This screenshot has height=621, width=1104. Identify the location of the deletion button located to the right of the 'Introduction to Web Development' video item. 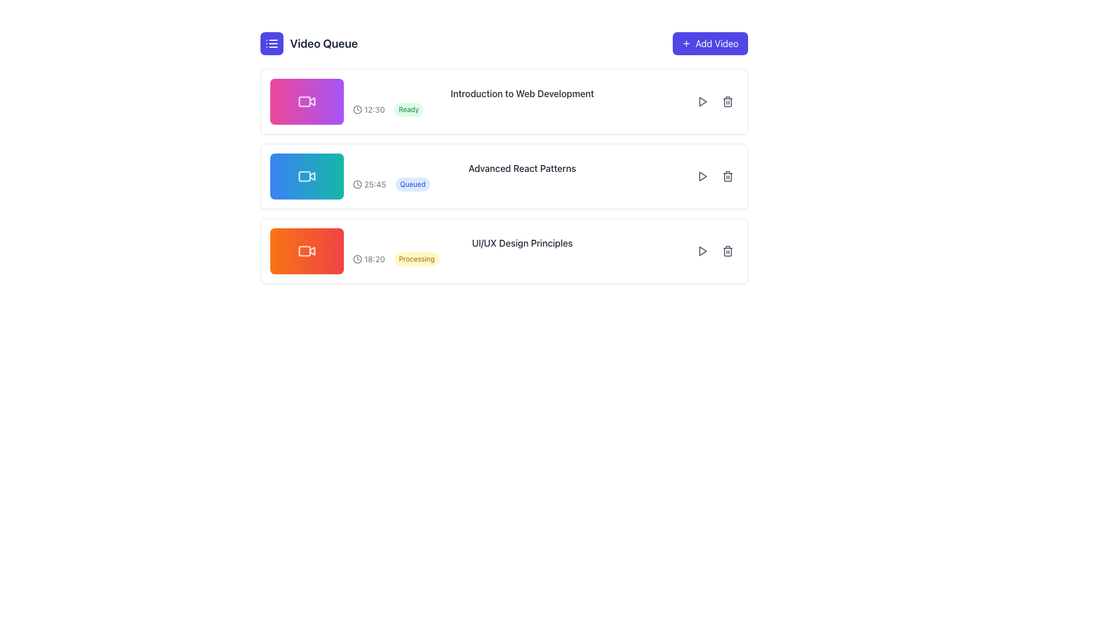
(727, 101).